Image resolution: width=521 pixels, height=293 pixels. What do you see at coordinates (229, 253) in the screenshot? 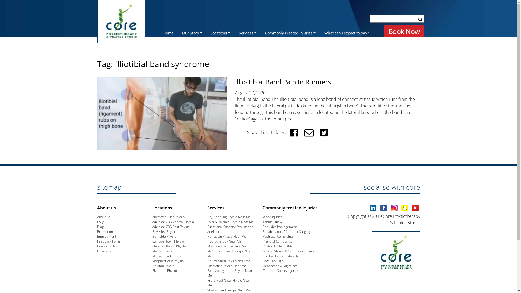
I see `'McKenzie Spine Therapy Near Me'` at bounding box center [229, 253].